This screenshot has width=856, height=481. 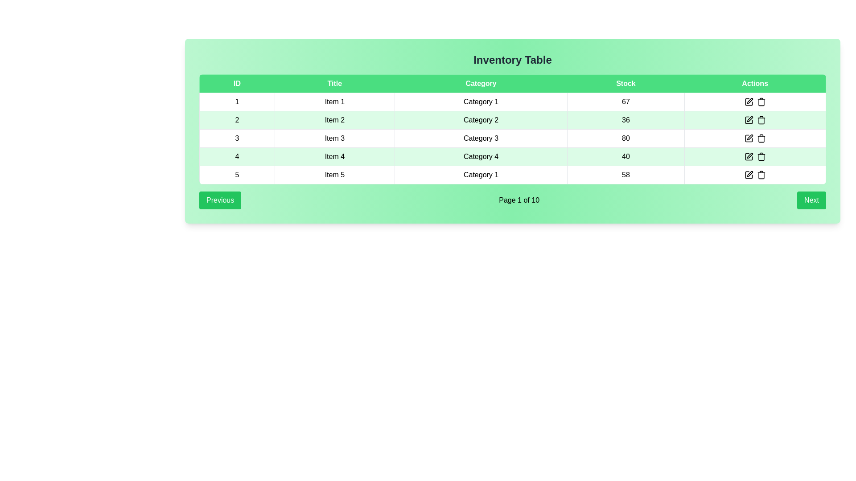 What do you see at coordinates (334, 120) in the screenshot?
I see `the text cell displaying 'Item 2' in the table` at bounding box center [334, 120].